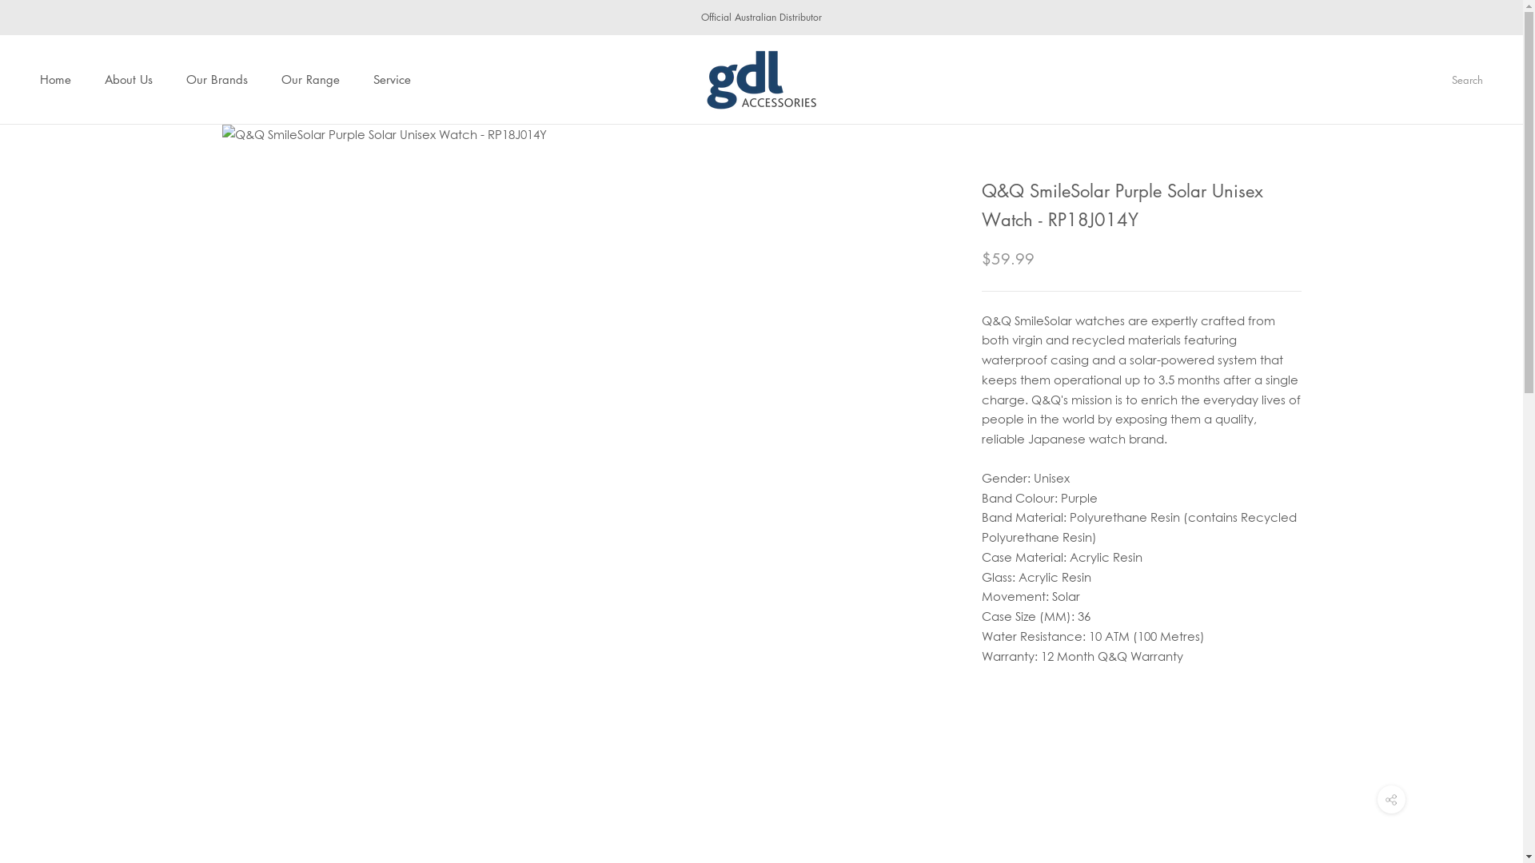 The image size is (1535, 863). Describe the element at coordinates (55, 79) in the screenshot. I see `'Home` at that location.